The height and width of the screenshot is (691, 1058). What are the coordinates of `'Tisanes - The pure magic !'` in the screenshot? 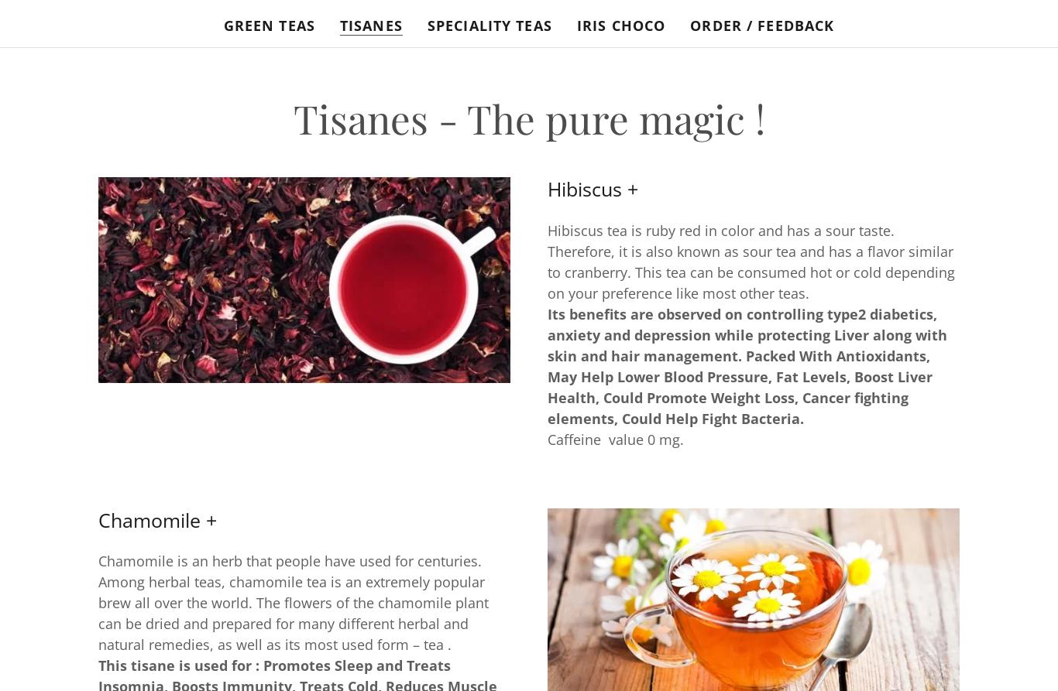 It's located at (527, 117).